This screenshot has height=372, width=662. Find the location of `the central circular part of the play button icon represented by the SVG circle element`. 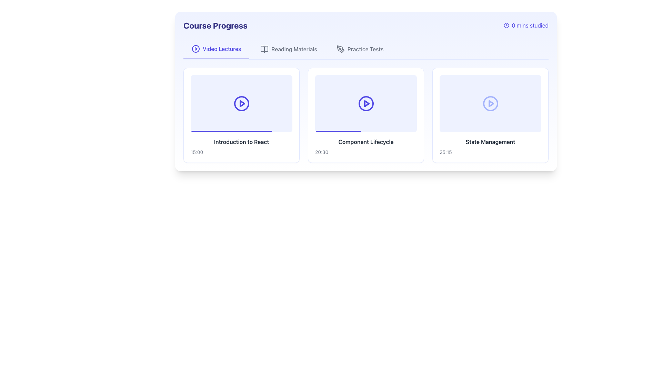

the central circular part of the play button icon represented by the SVG circle element is located at coordinates (195, 49).